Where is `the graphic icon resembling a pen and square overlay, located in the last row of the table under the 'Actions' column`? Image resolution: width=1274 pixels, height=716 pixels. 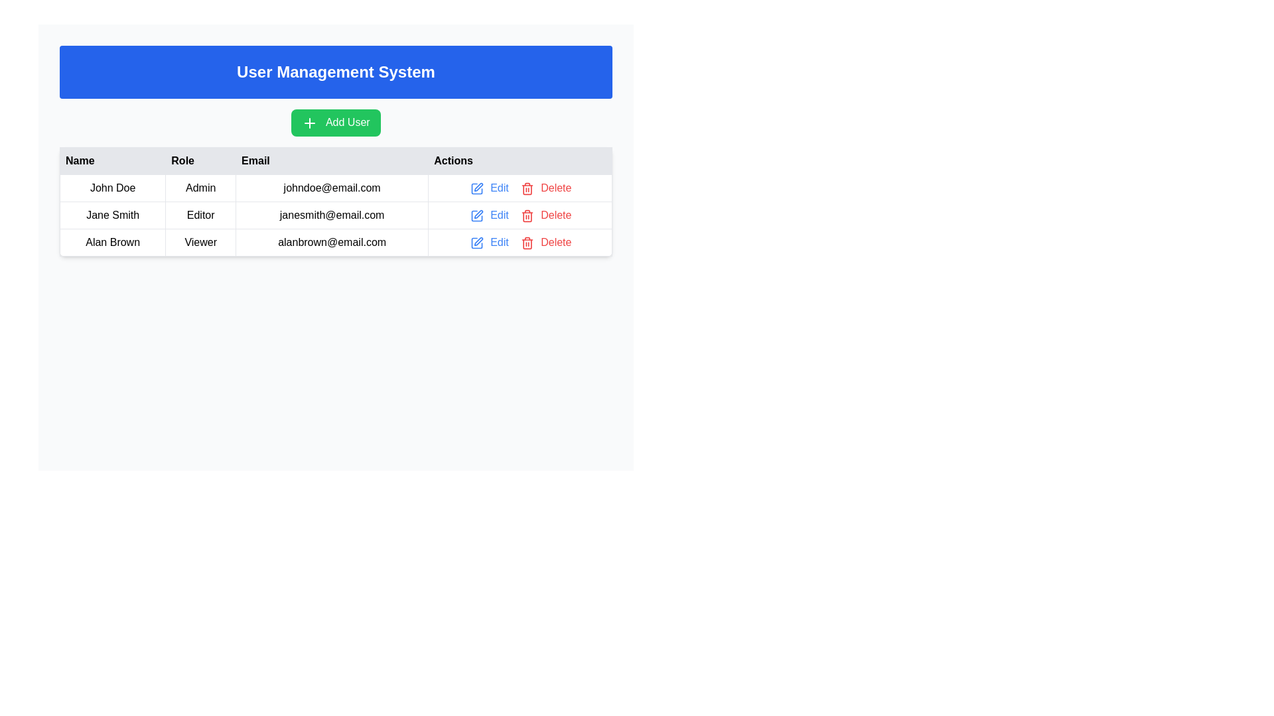
the graphic icon resembling a pen and square overlay, located in the last row of the table under the 'Actions' column is located at coordinates (478, 241).